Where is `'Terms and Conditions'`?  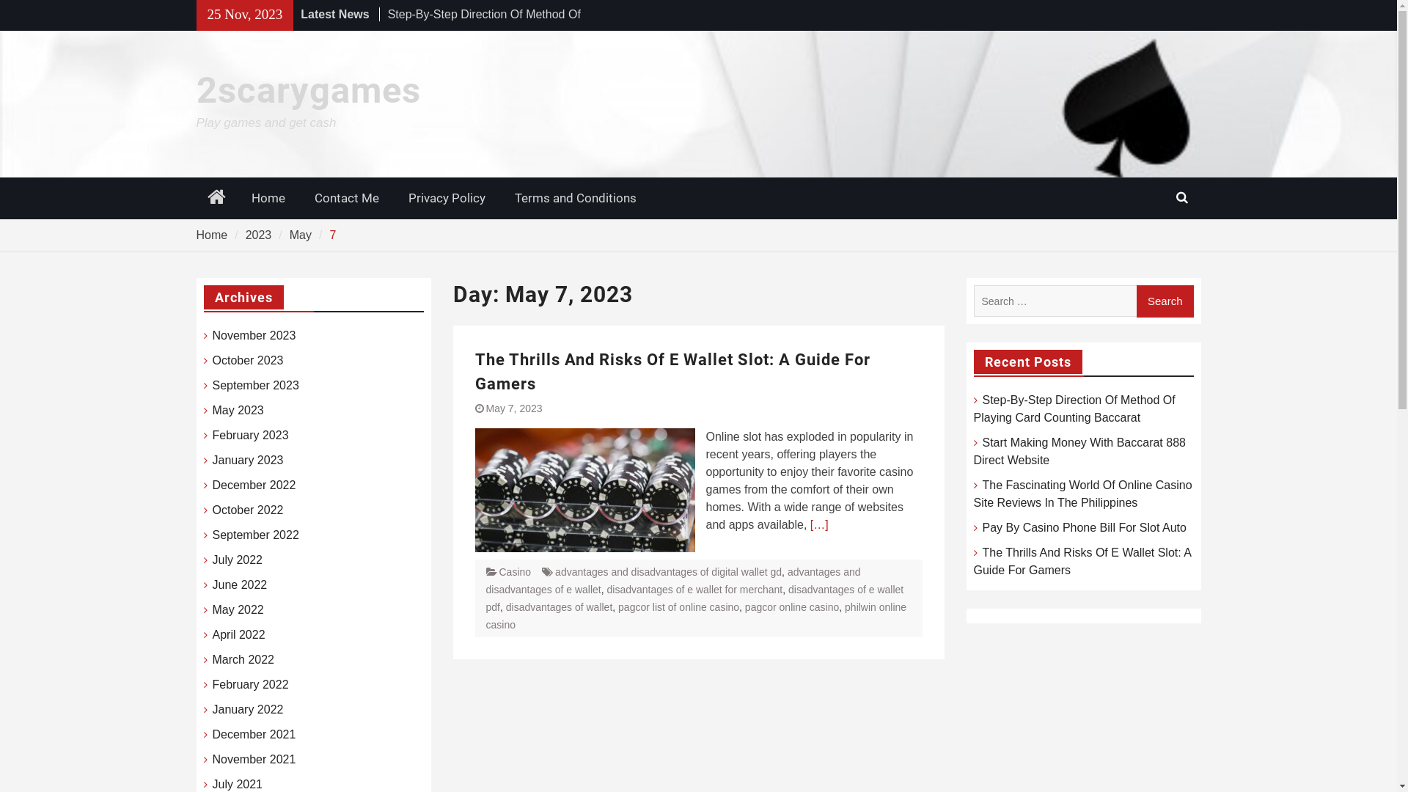
'Terms and Conditions' is located at coordinates (575, 198).